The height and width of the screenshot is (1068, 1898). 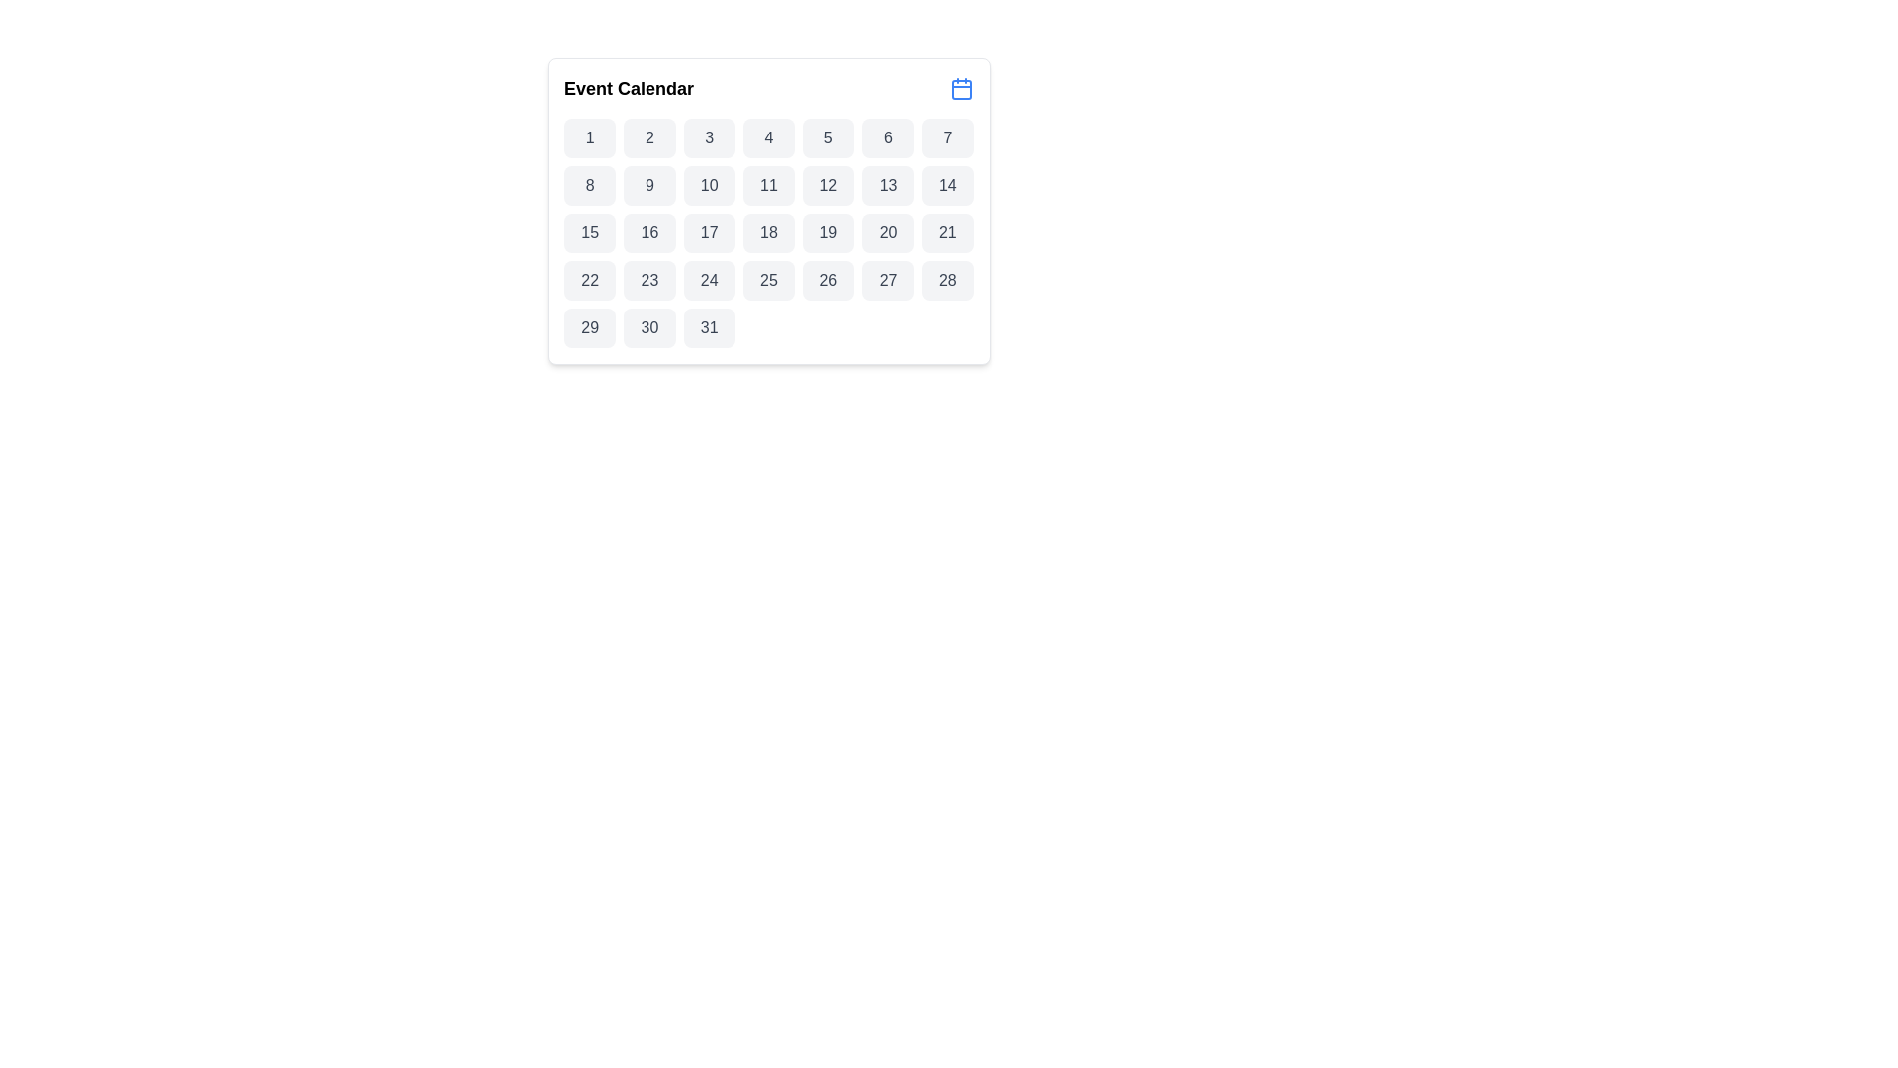 What do you see at coordinates (709, 326) in the screenshot?
I see `the button representing the date 31 in the 'Event Calendar'` at bounding box center [709, 326].